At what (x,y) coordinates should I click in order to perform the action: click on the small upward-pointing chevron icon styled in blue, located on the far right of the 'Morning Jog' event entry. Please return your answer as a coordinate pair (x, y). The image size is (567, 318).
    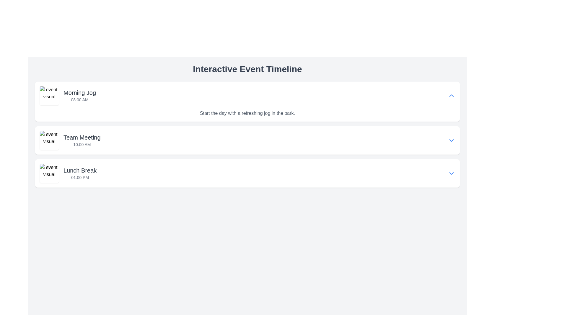
    Looking at the image, I should click on (451, 95).